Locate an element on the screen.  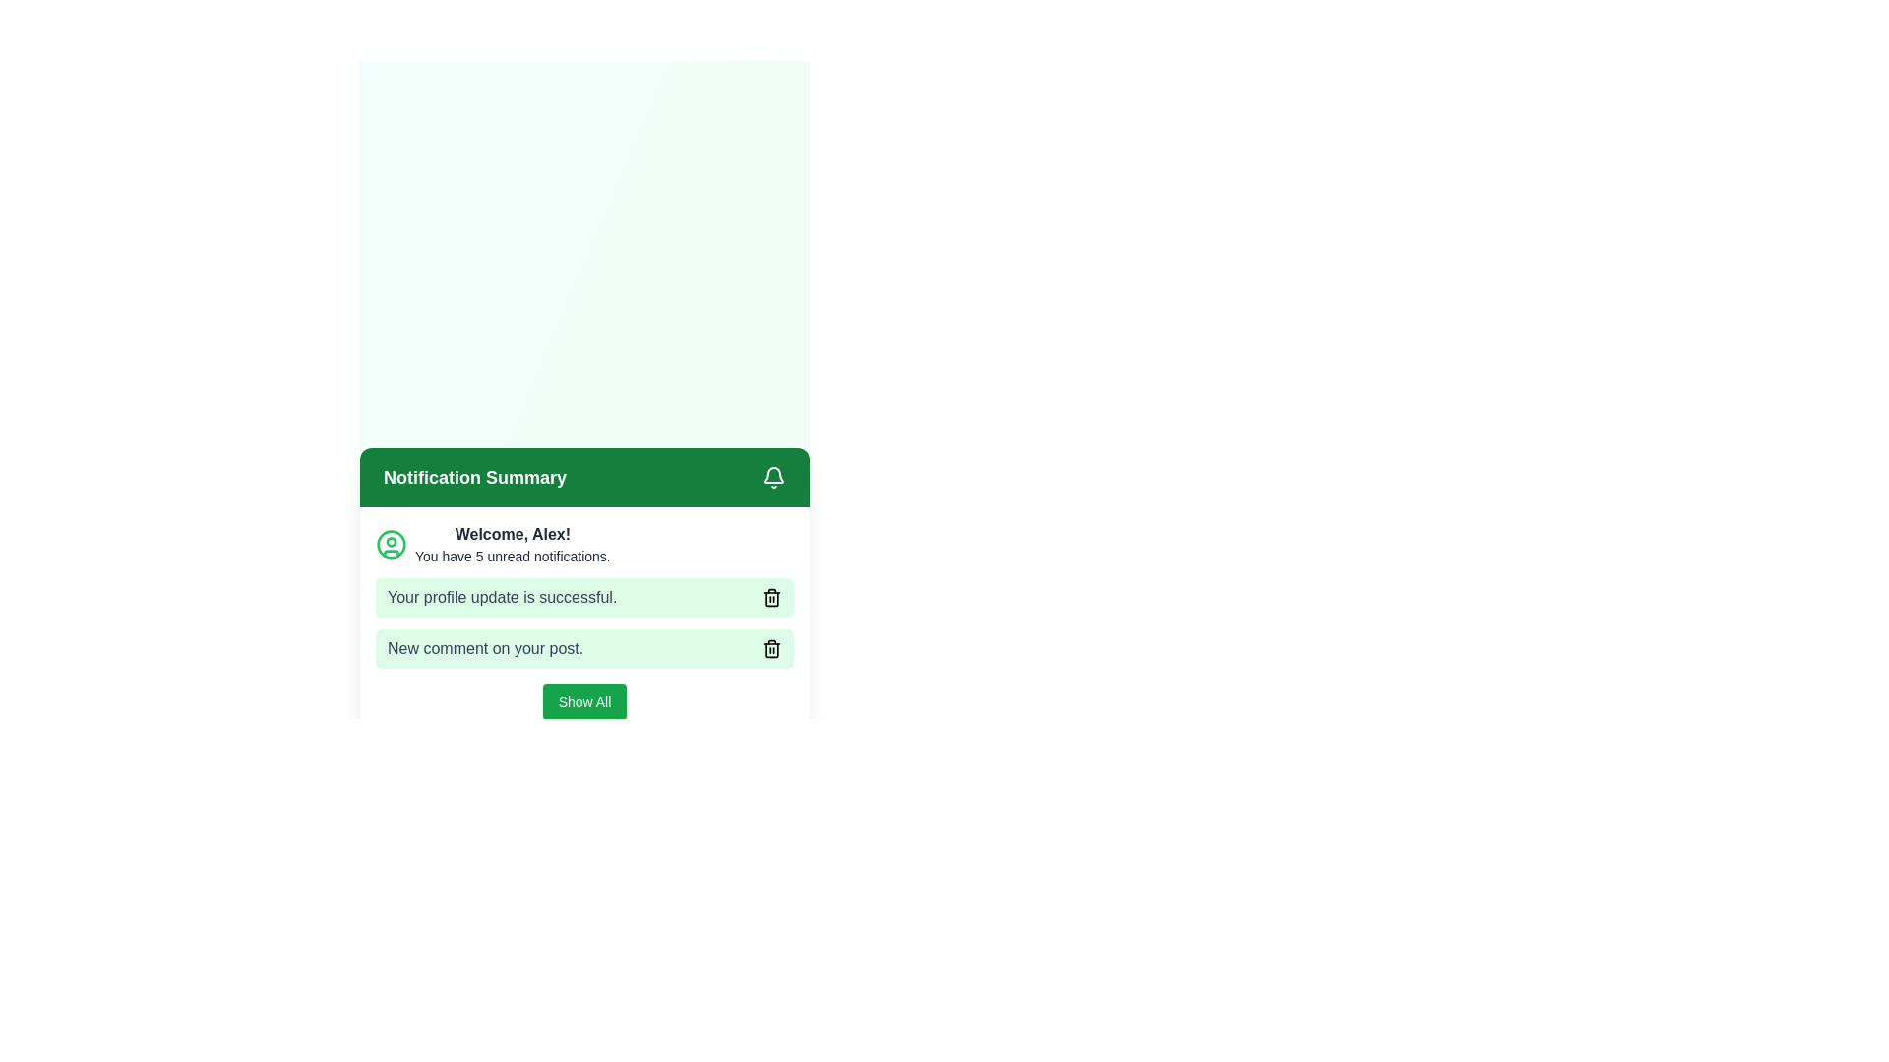
the static text notification that informs the user about a new comment on their post is located at coordinates (485, 648).